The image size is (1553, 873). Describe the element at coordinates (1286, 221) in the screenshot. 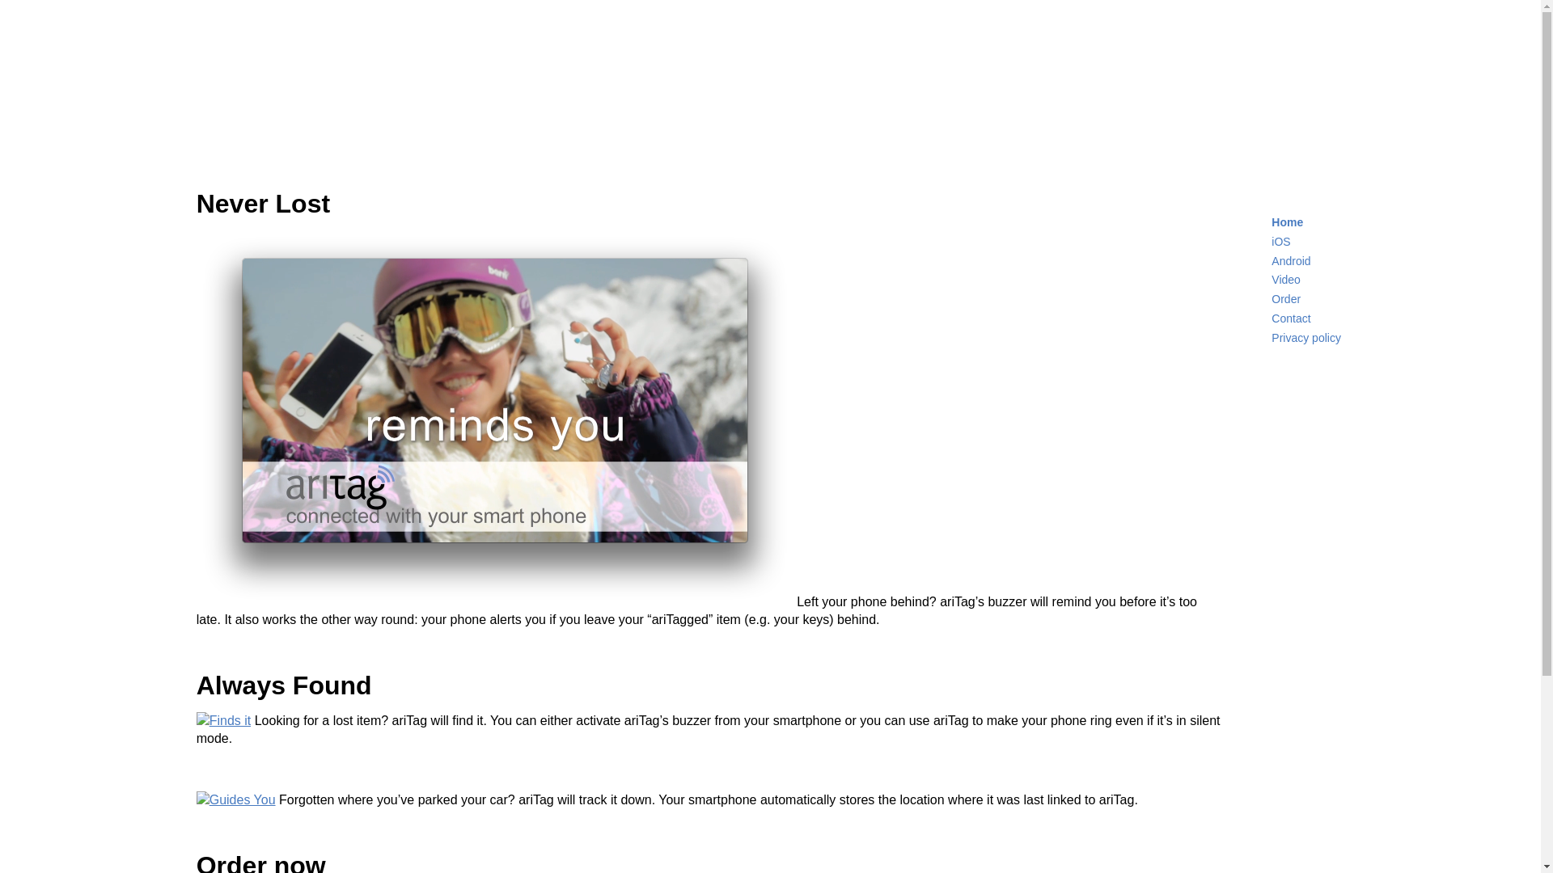

I see `'Home'` at that location.